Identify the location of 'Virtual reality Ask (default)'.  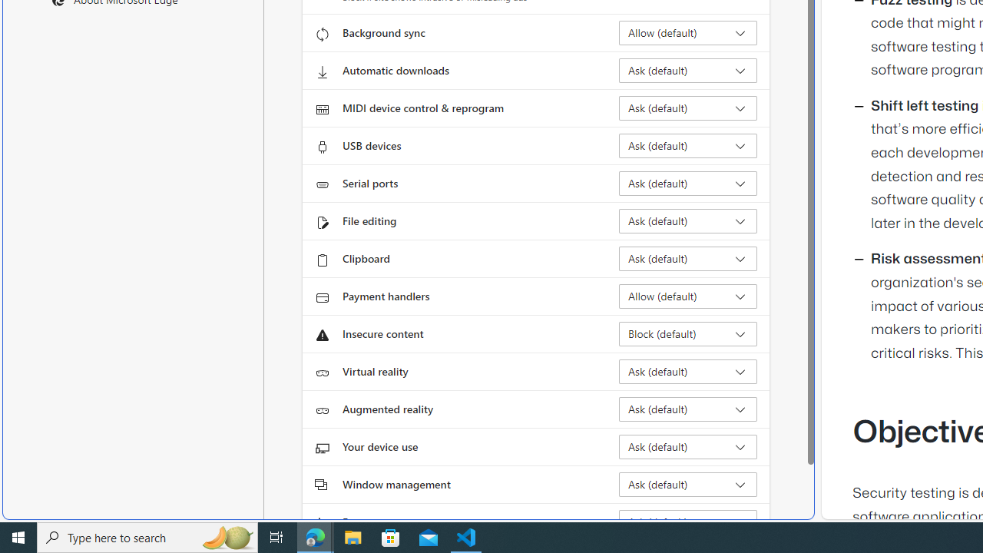
(687, 371).